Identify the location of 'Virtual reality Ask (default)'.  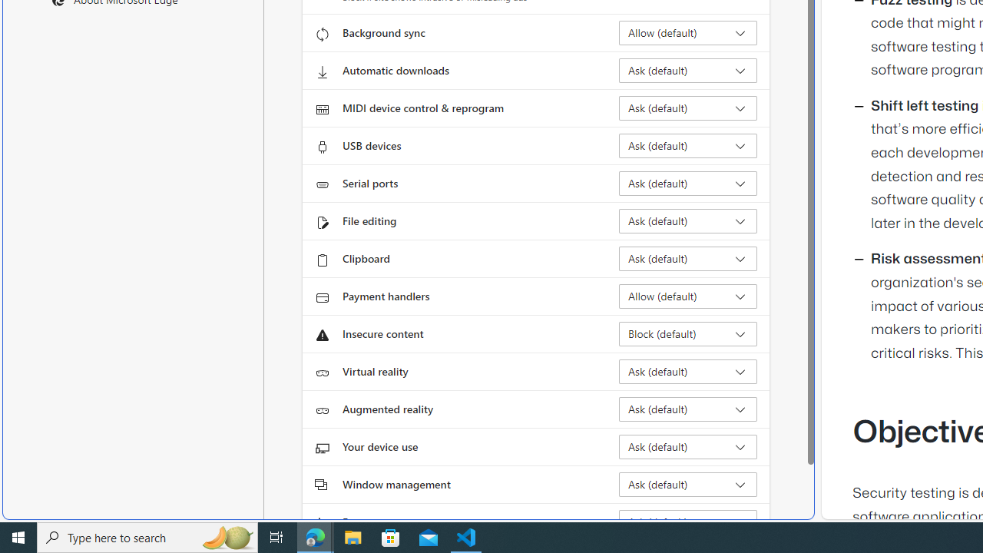
(687, 371).